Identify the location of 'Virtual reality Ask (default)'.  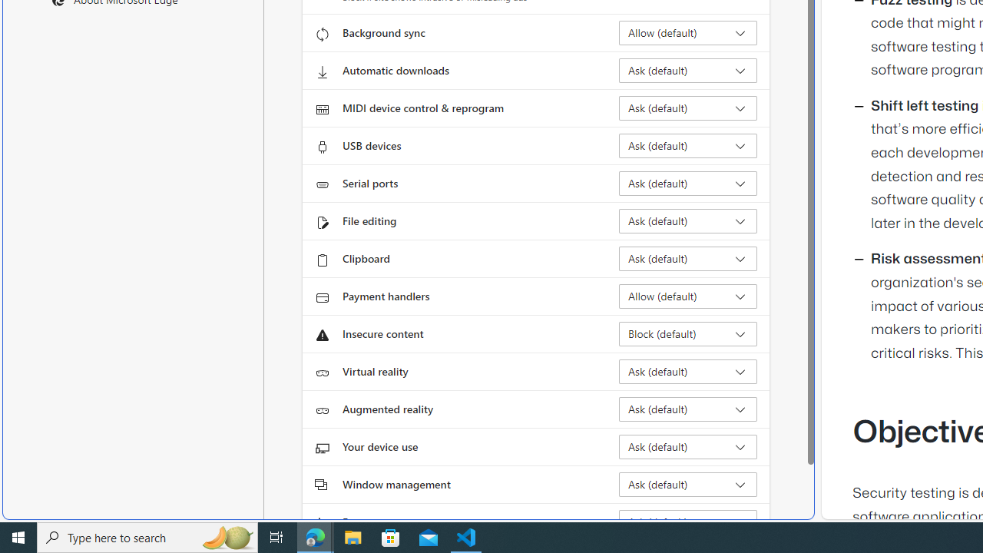
(687, 371).